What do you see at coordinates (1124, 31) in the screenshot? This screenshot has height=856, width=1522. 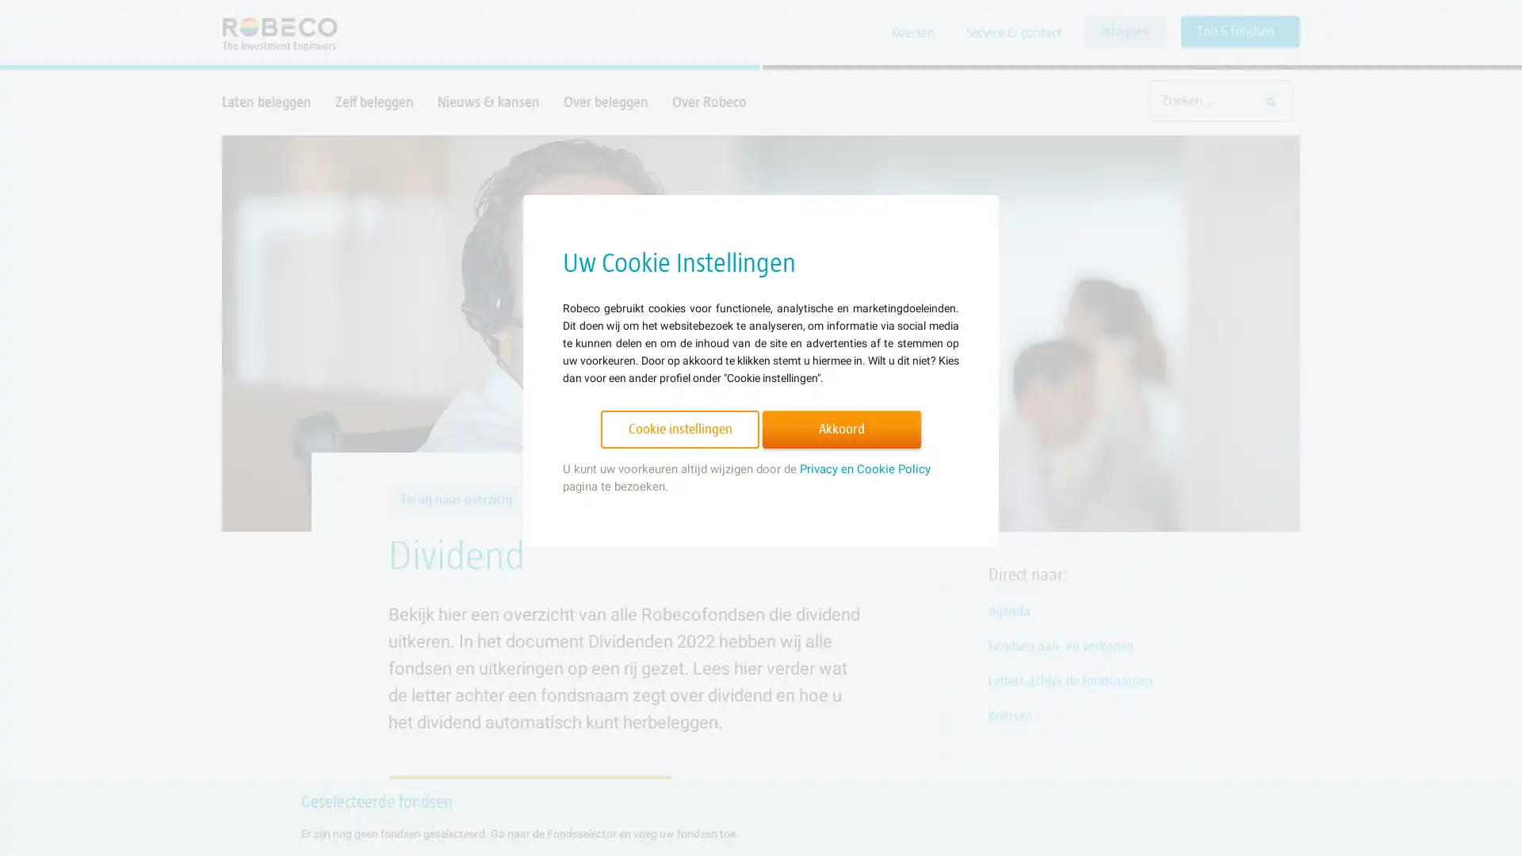 I see `Inloggen` at bounding box center [1124, 31].